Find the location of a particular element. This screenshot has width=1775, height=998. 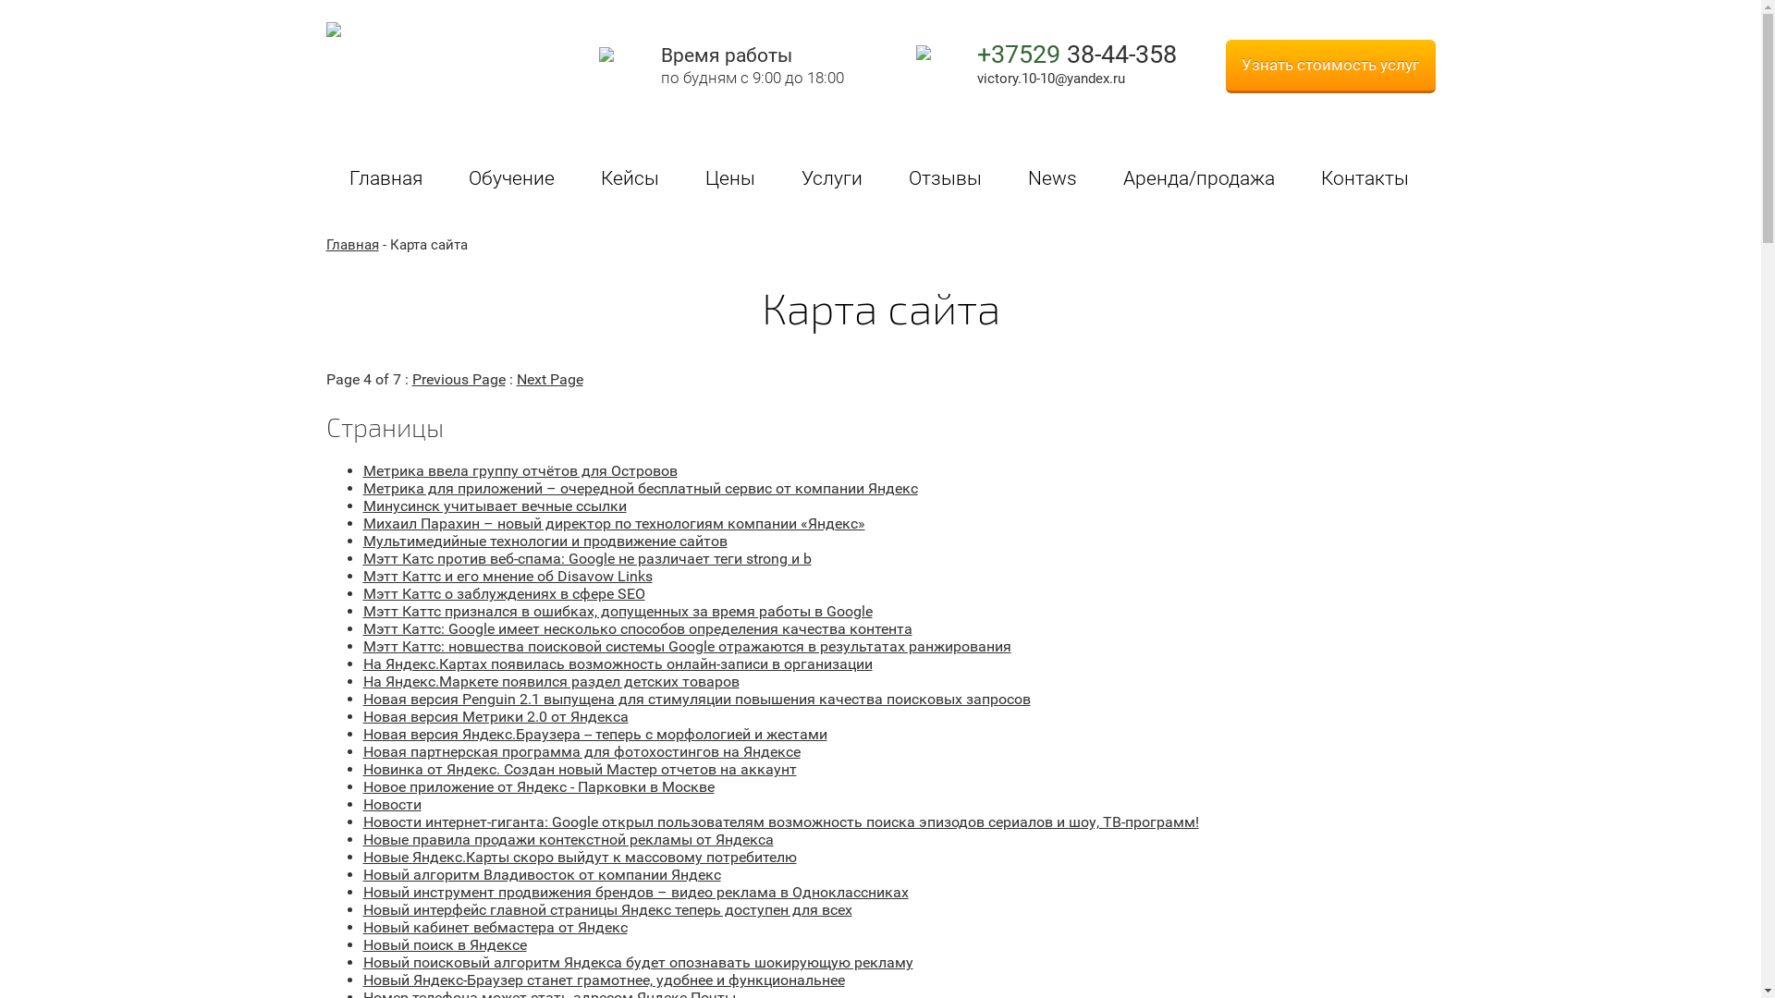

'News' is located at coordinates (1002, 180).